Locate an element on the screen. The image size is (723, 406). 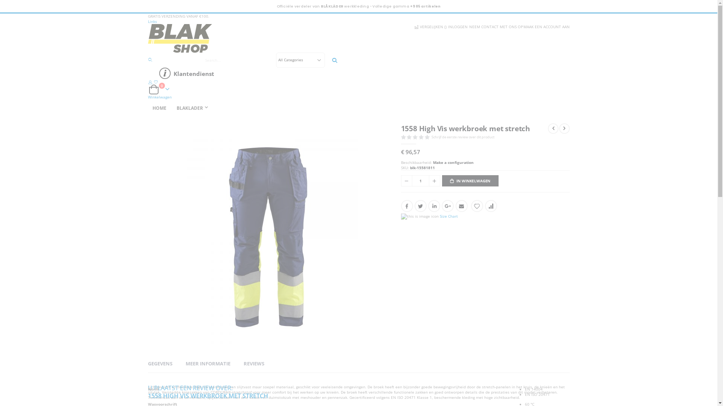
'Google +' is located at coordinates (441, 206).